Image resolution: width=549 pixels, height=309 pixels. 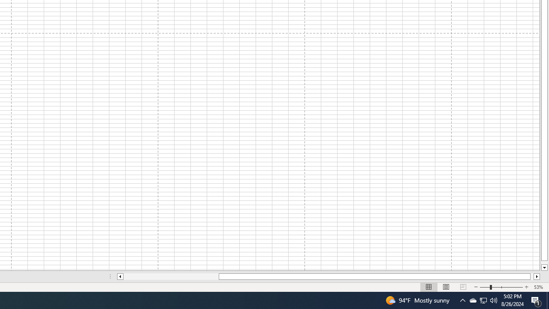 What do you see at coordinates (429, 287) in the screenshot?
I see `'Normal'` at bounding box center [429, 287].